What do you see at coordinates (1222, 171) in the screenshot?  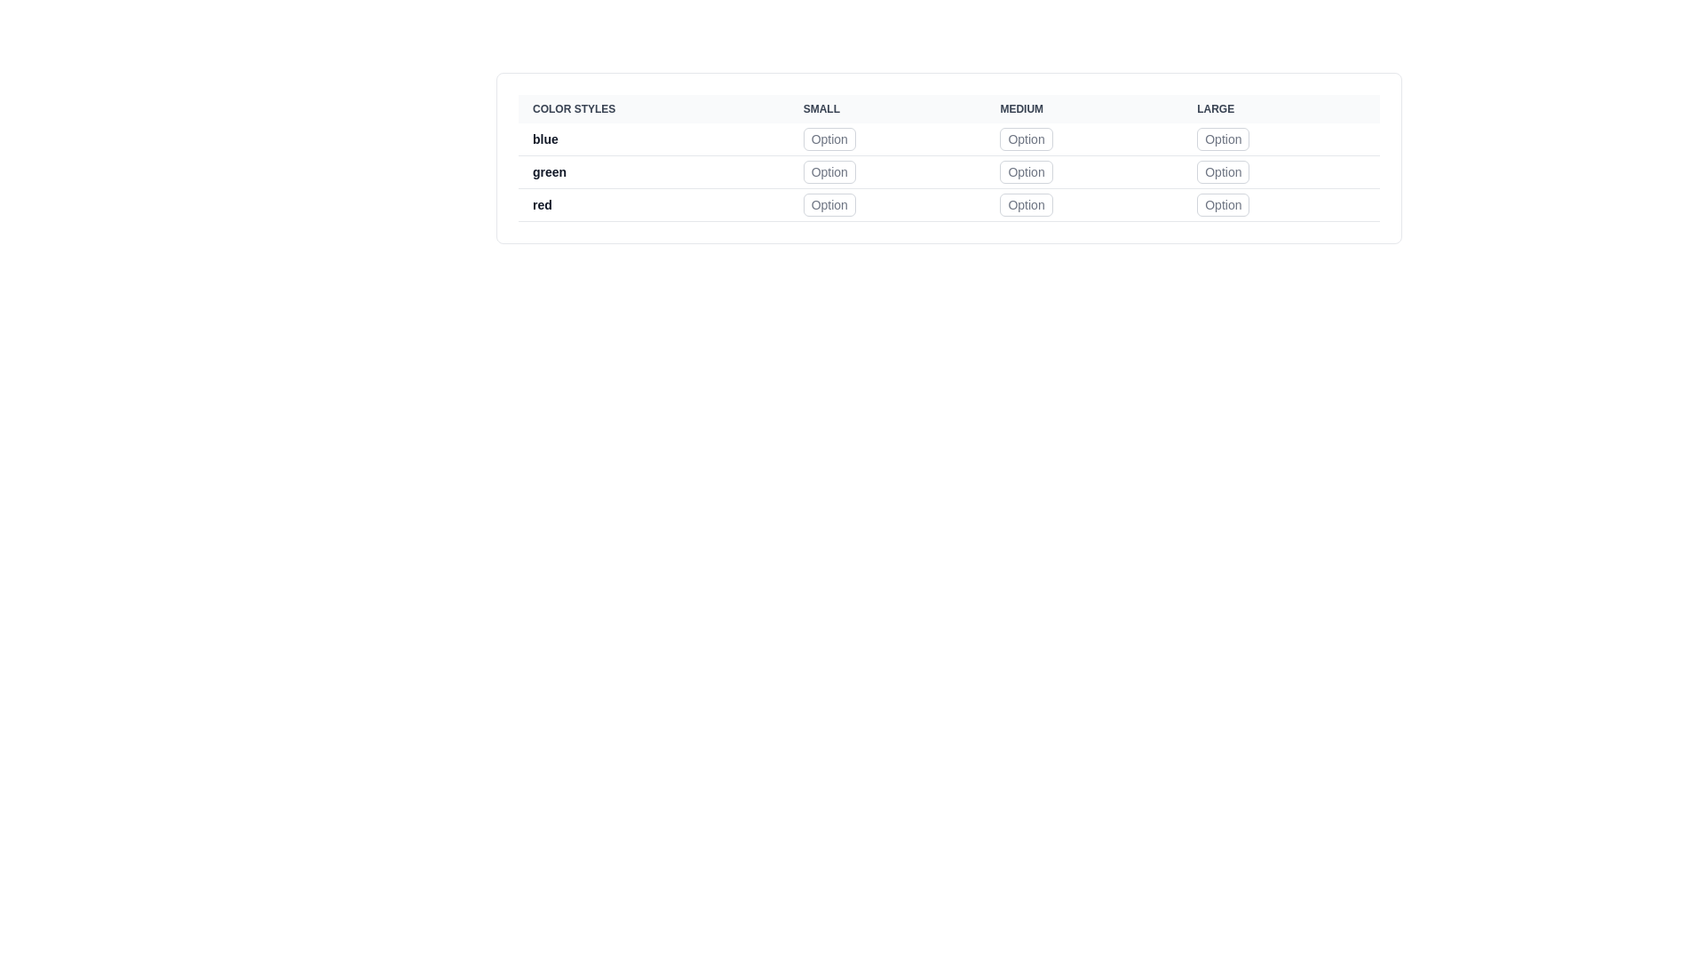 I see `the rectangular button labeled 'Option' located in the 'green' row of the table under the 'LARGE' column` at bounding box center [1222, 171].